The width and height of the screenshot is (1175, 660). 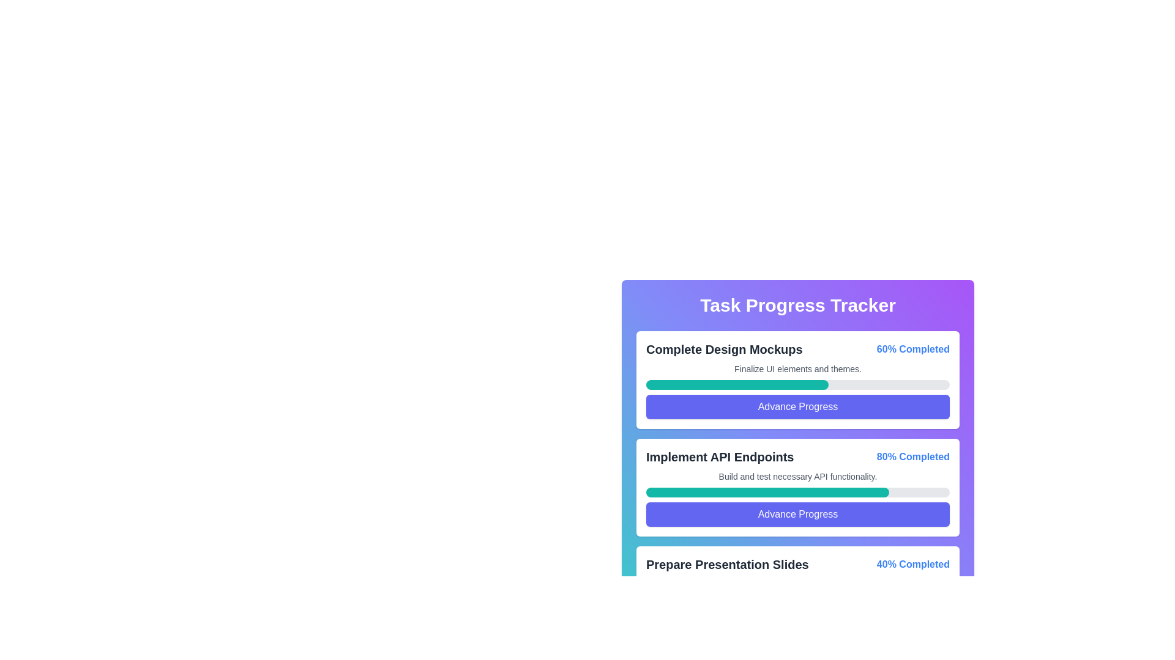 I want to click on the Text Label displaying '80% Completed', which is styled in bold blue font and located in the progress tracker section, so click(x=913, y=457).